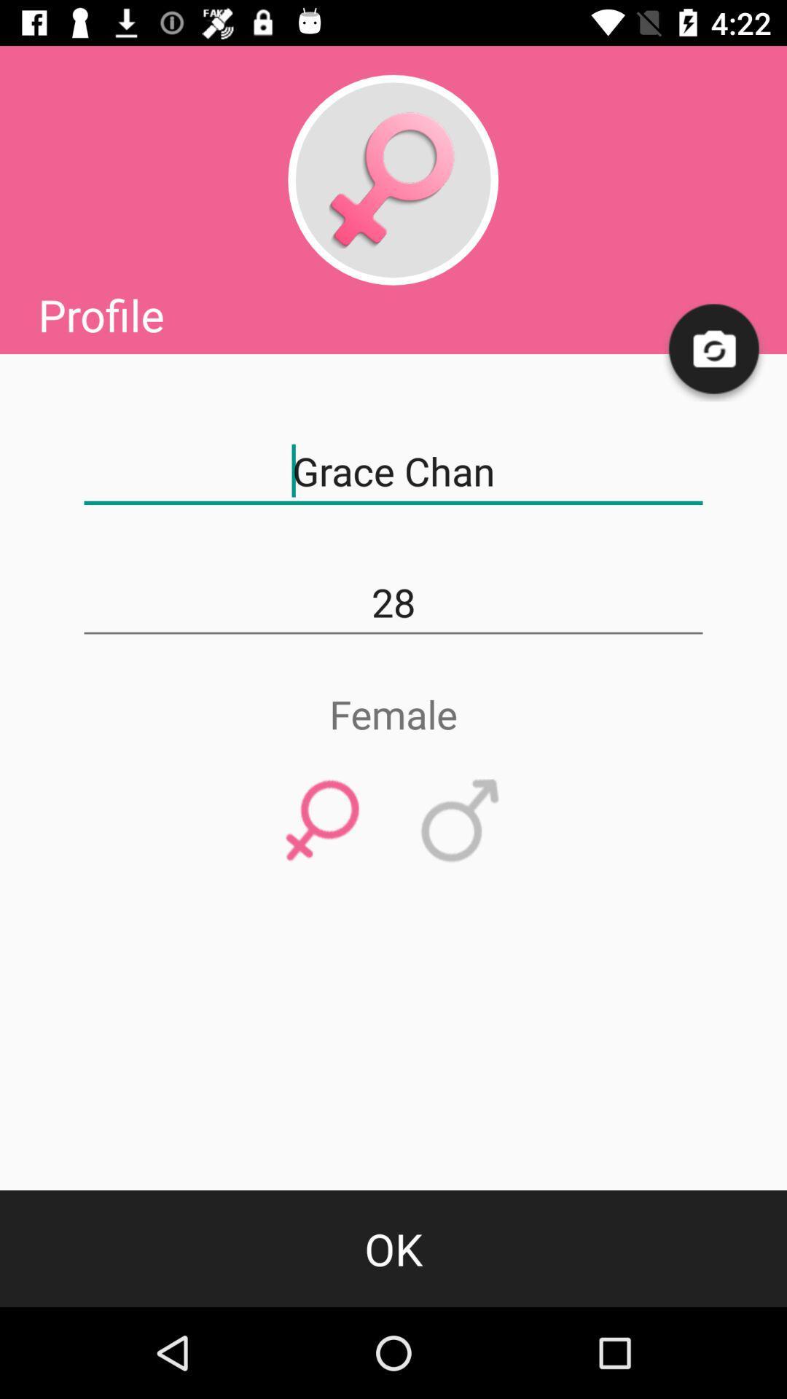  What do you see at coordinates (393, 603) in the screenshot?
I see `28 icon` at bounding box center [393, 603].